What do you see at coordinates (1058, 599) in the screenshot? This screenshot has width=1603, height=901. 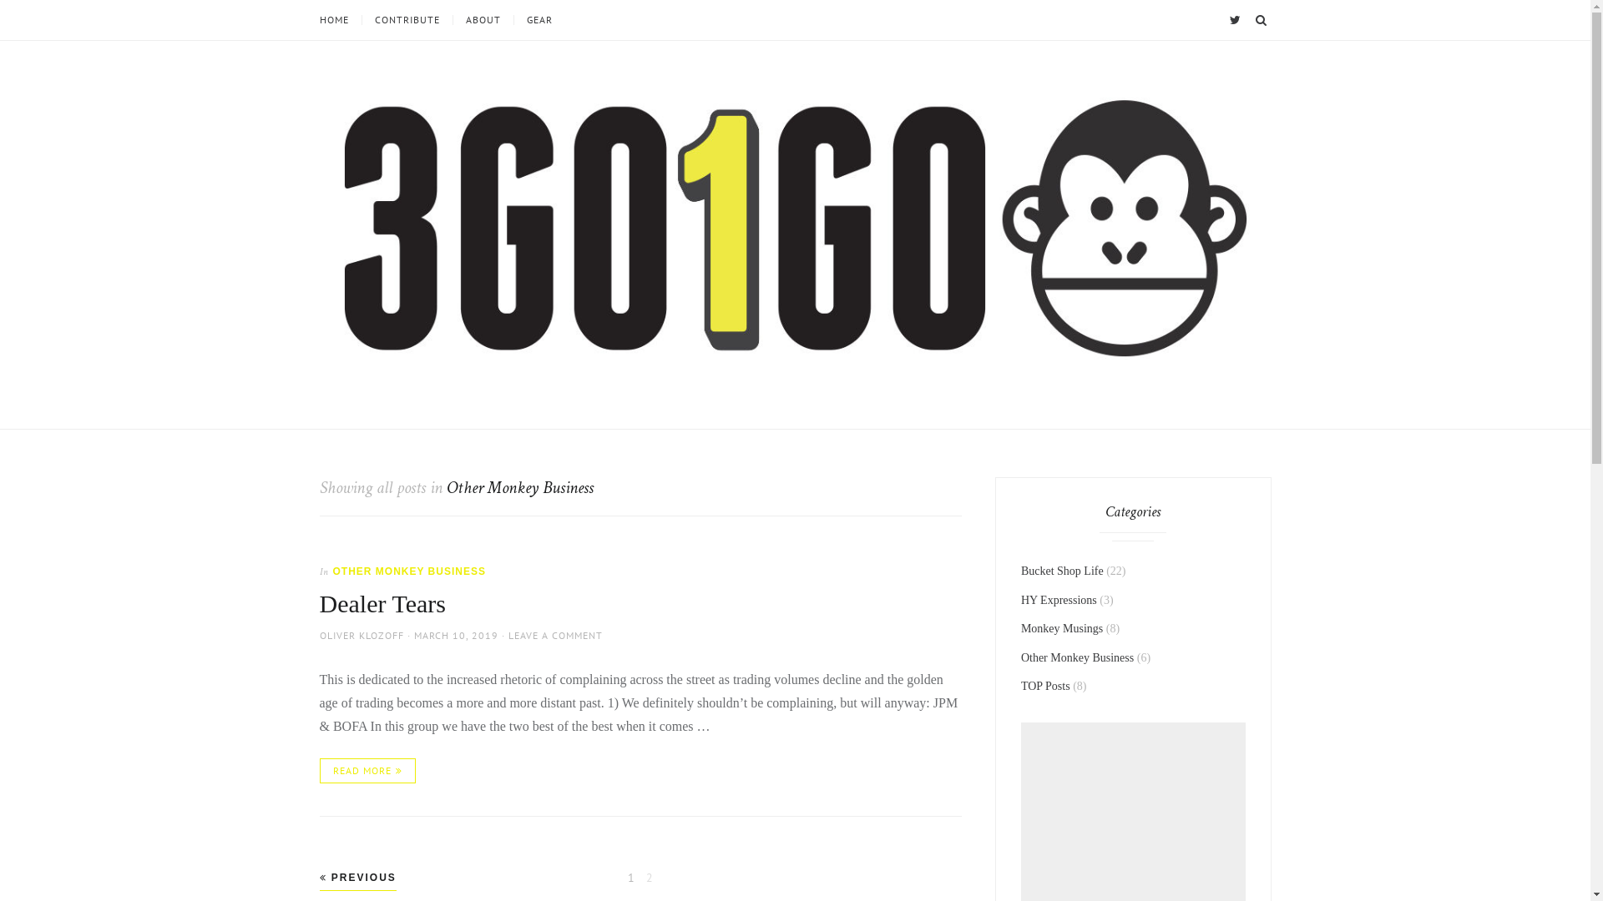 I see `'HY Expressions'` at bounding box center [1058, 599].